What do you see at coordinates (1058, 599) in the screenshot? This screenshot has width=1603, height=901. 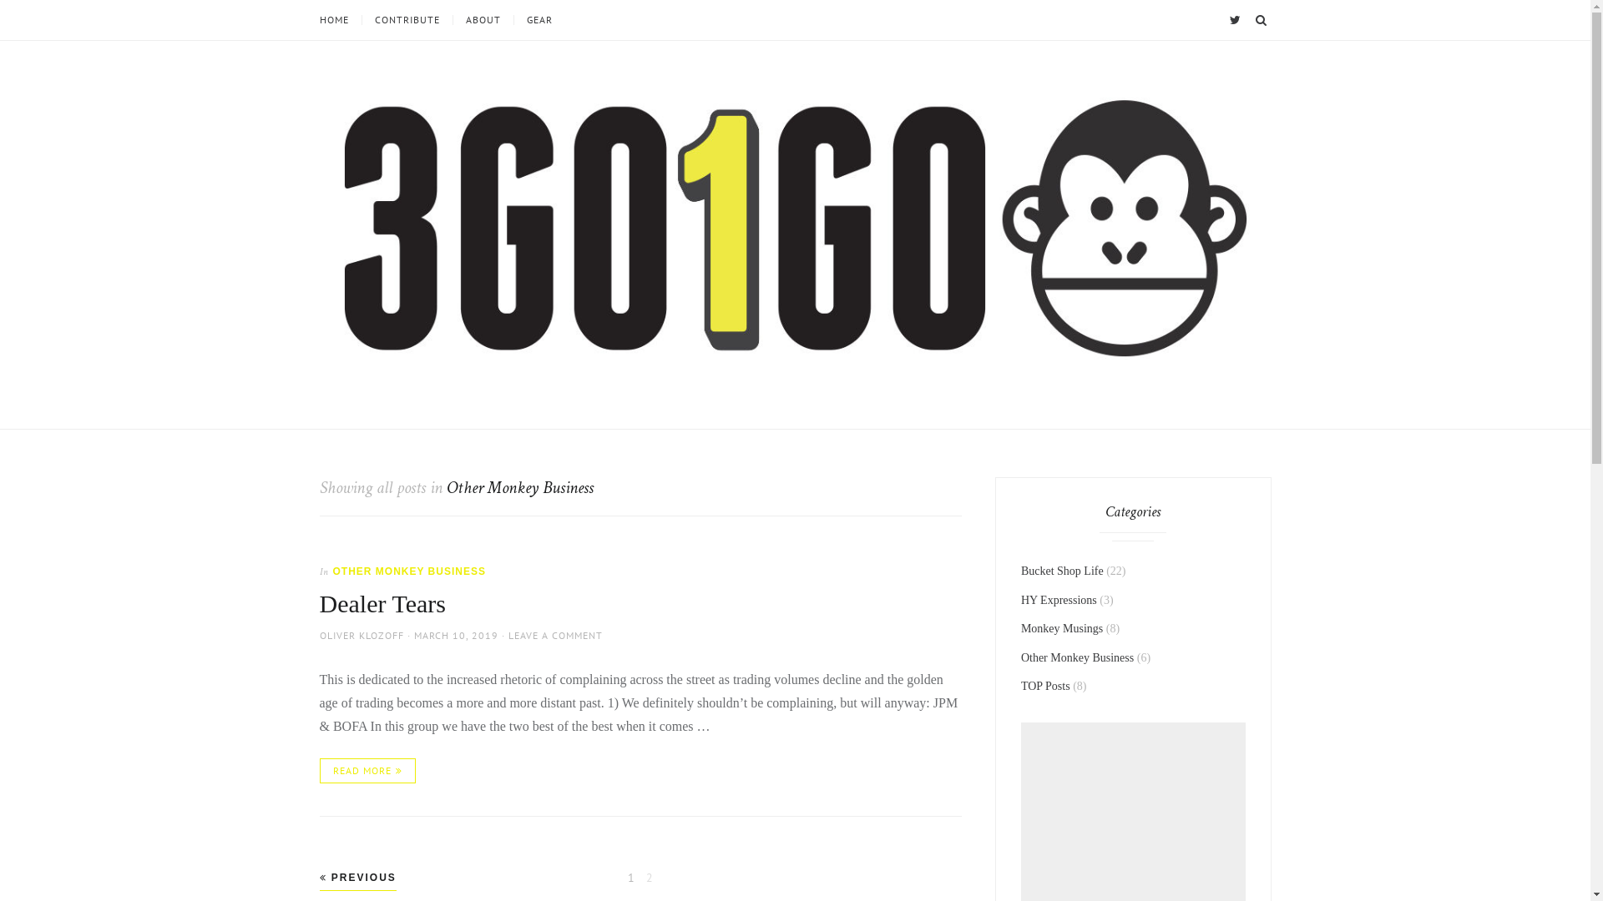 I see `'HY Expressions'` at bounding box center [1058, 599].